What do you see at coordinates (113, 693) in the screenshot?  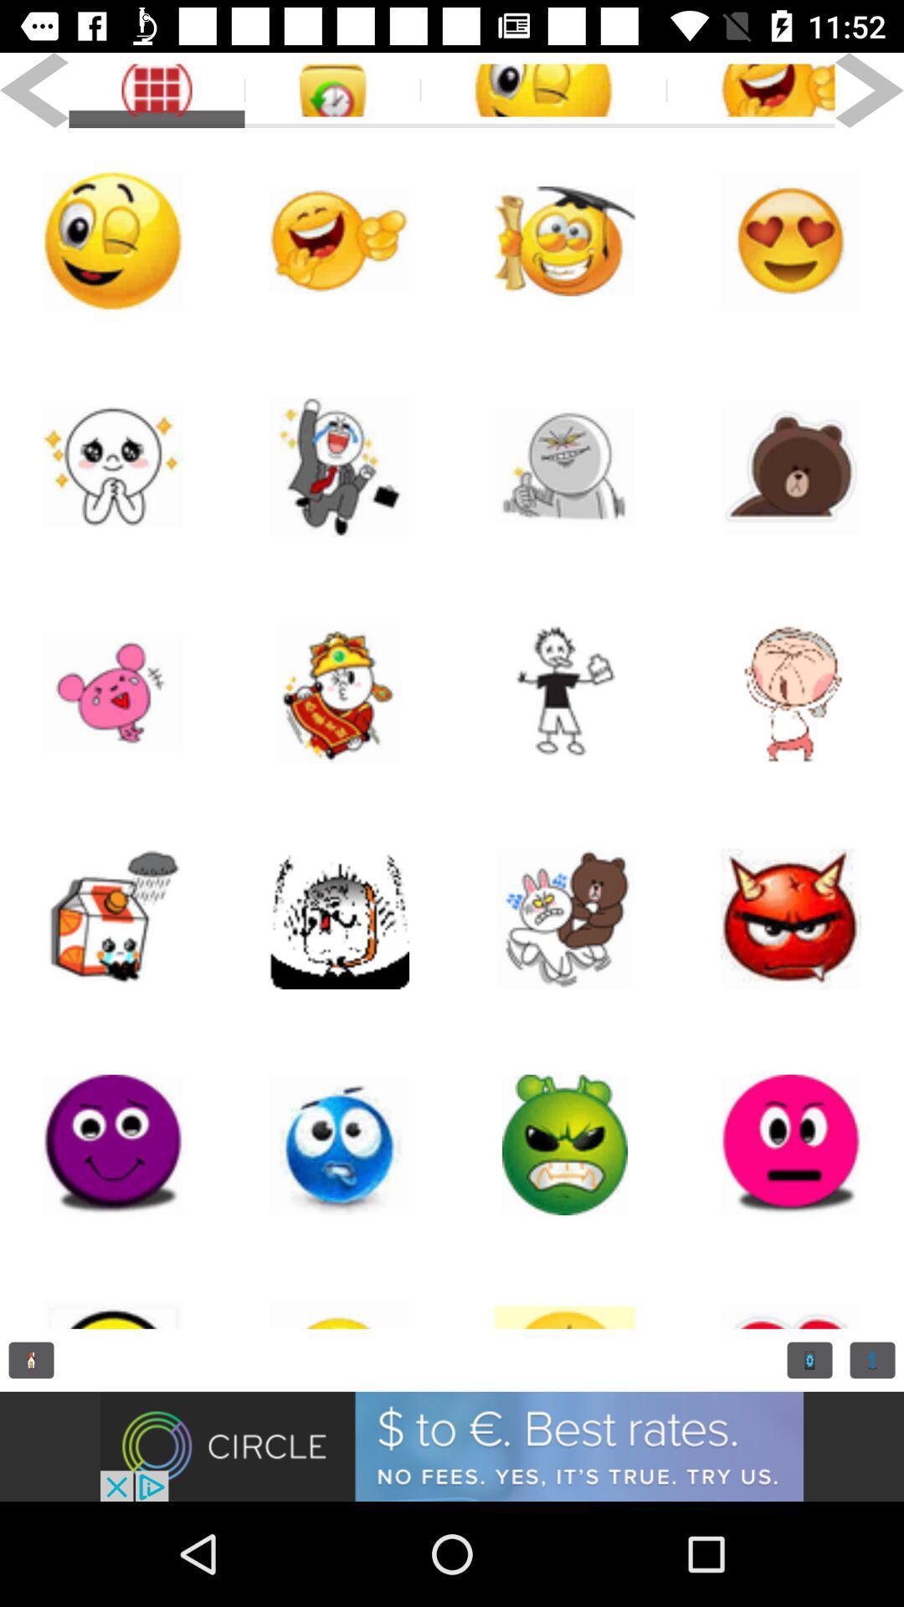 I see `this icon` at bounding box center [113, 693].